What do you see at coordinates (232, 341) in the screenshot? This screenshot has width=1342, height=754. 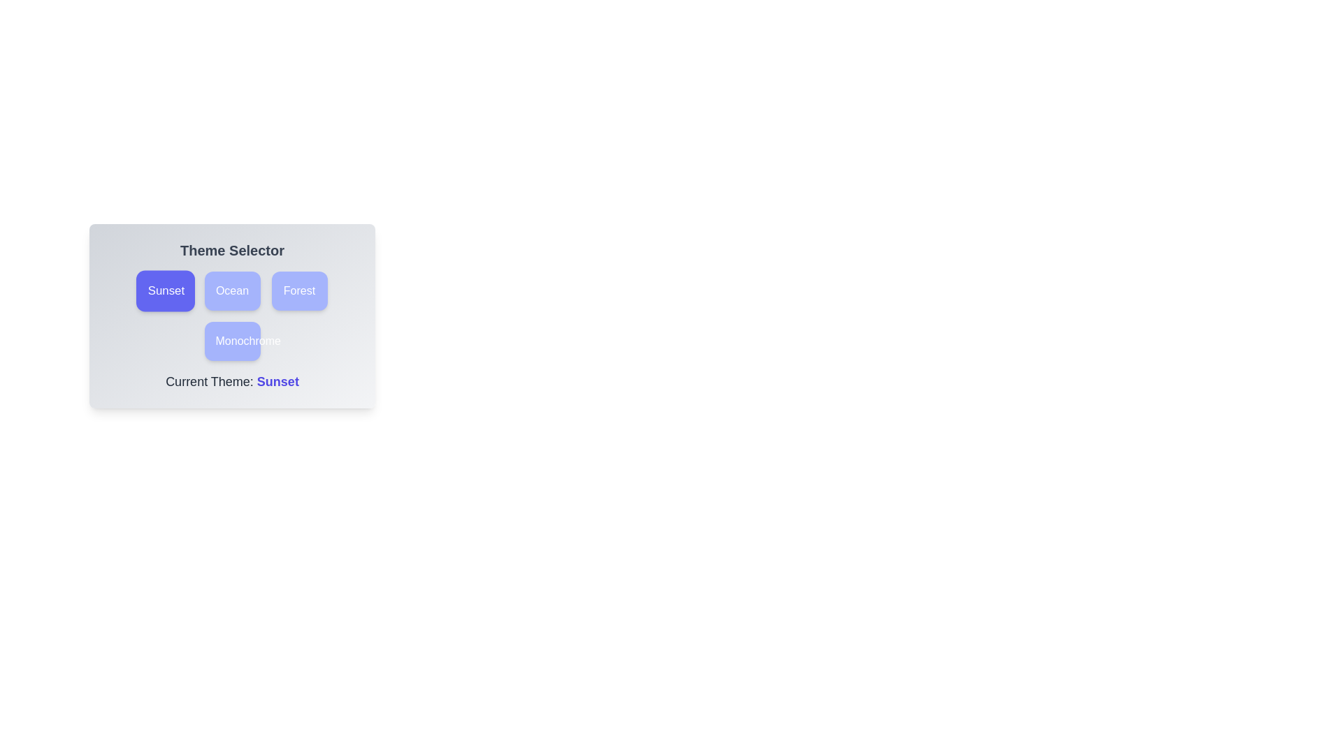 I see `the theme button labeled Monochrome` at bounding box center [232, 341].